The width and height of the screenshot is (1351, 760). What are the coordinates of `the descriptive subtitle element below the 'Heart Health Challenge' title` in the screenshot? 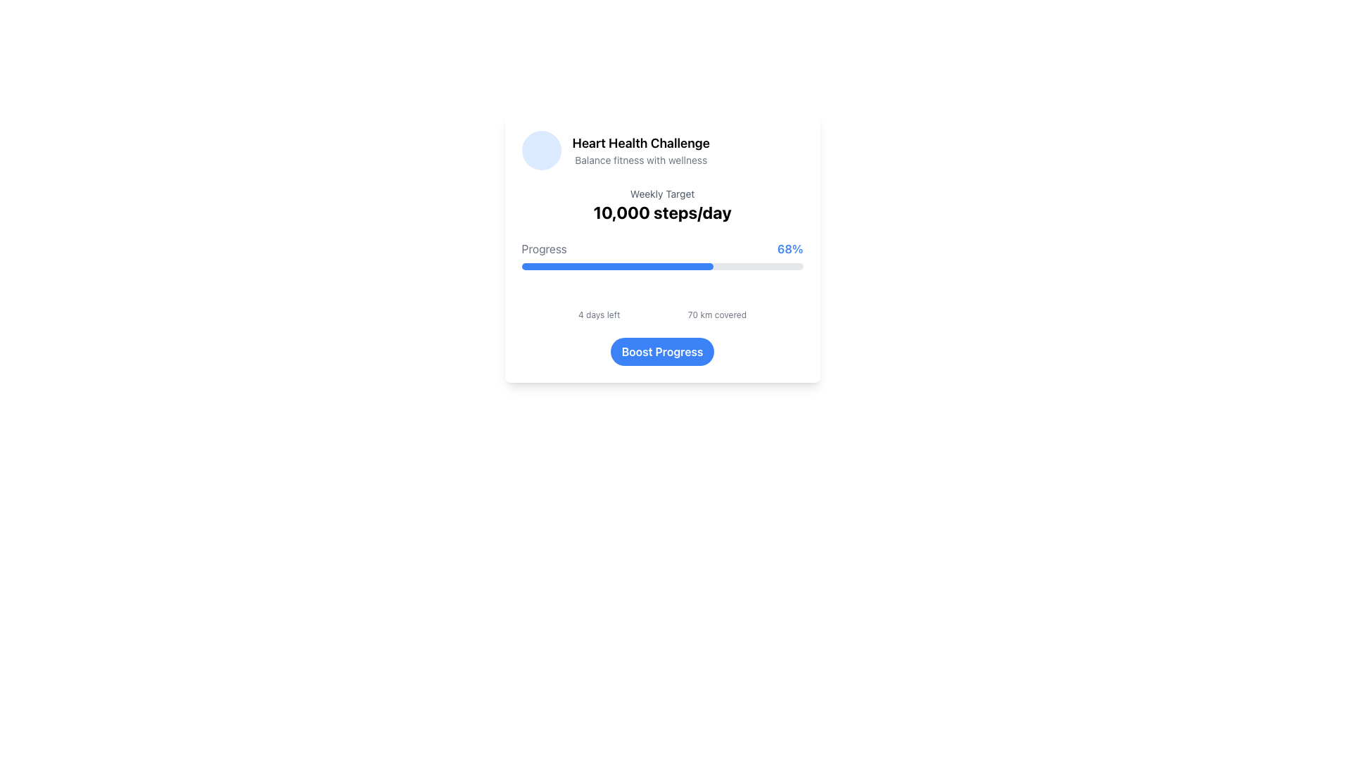 It's located at (640, 159).